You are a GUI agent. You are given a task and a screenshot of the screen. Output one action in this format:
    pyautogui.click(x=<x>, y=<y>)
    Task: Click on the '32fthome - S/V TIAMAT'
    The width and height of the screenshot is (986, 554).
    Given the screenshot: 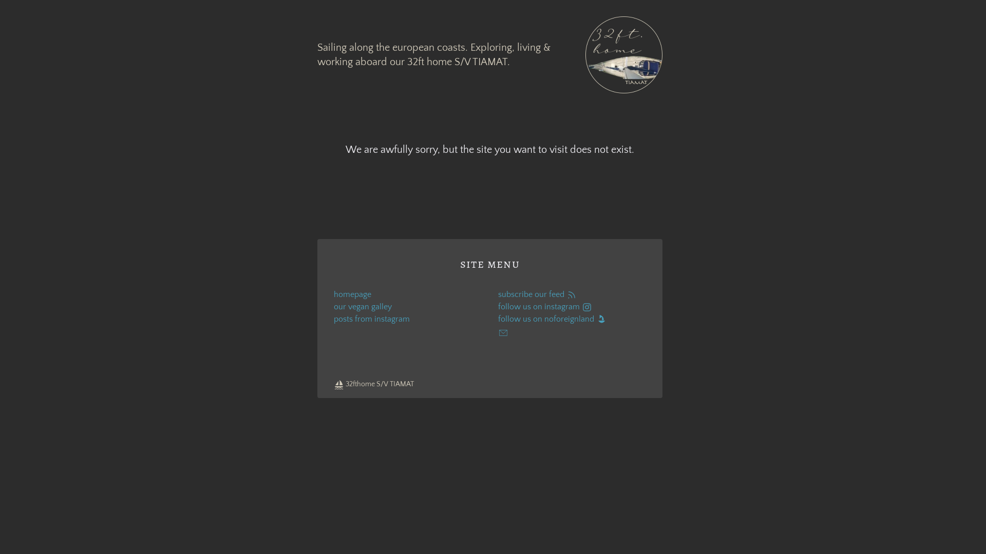 What is the action you would take?
    pyautogui.click(x=623, y=55)
    